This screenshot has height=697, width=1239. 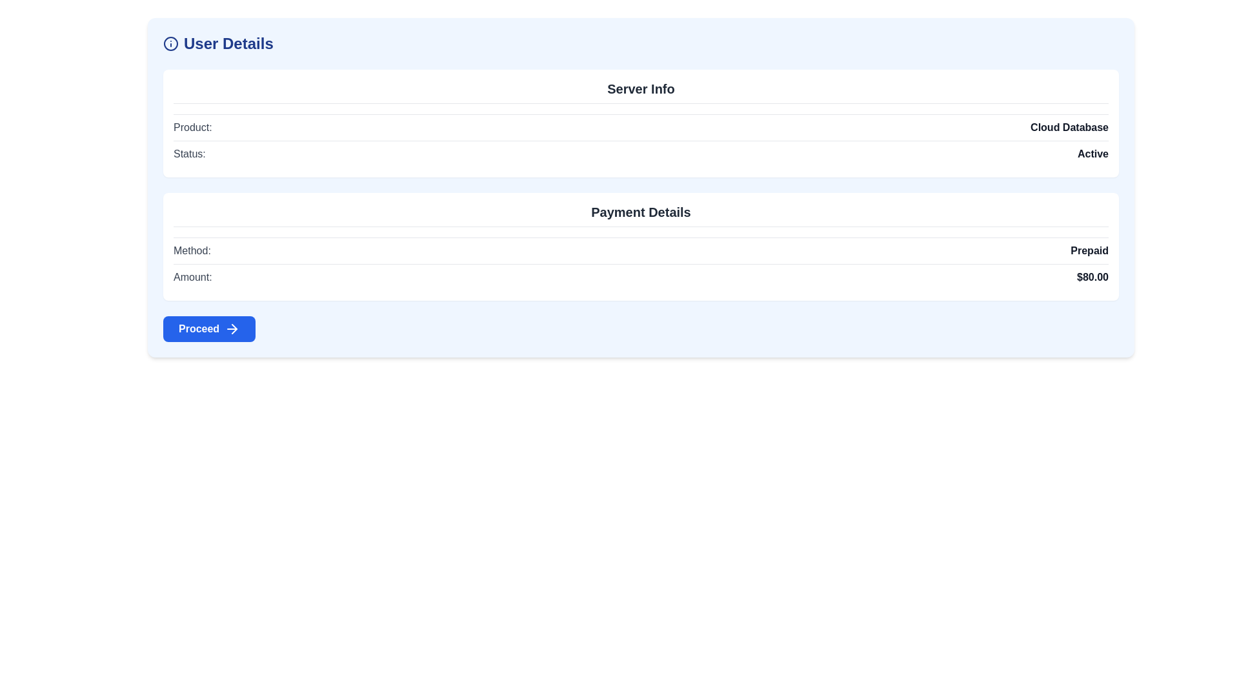 What do you see at coordinates (170, 43) in the screenshot?
I see `the information icon, which is a blue circular outline with a dot and a vertical line inside, located to the immediate left of the 'User Details' heading` at bounding box center [170, 43].